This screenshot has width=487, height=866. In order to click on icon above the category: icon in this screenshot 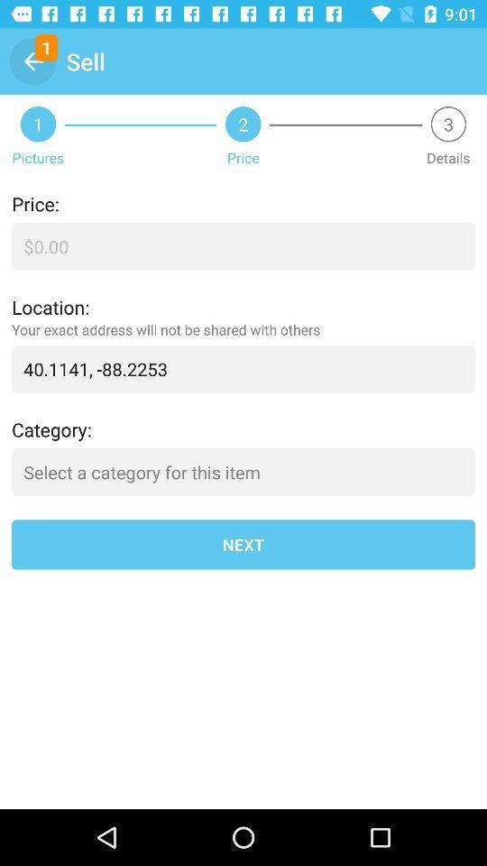, I will do `click(243, 368)`.